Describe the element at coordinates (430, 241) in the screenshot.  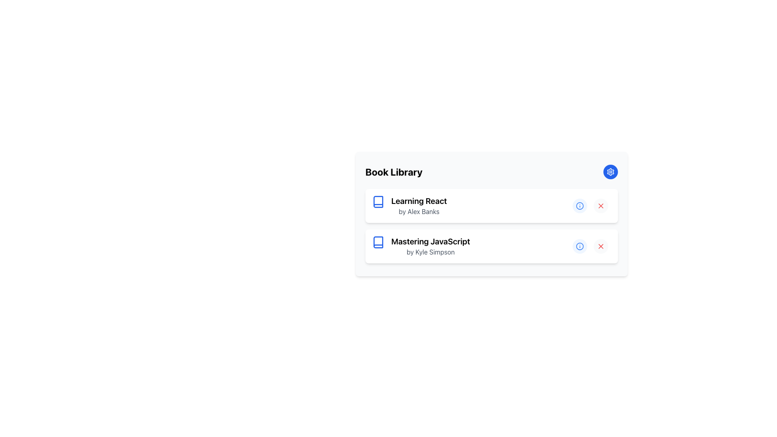
I see `the text label displaying 'Mastering JavaScript', which is a prominent title located above the author's name, 'by Kyle Simpson'` at that location.